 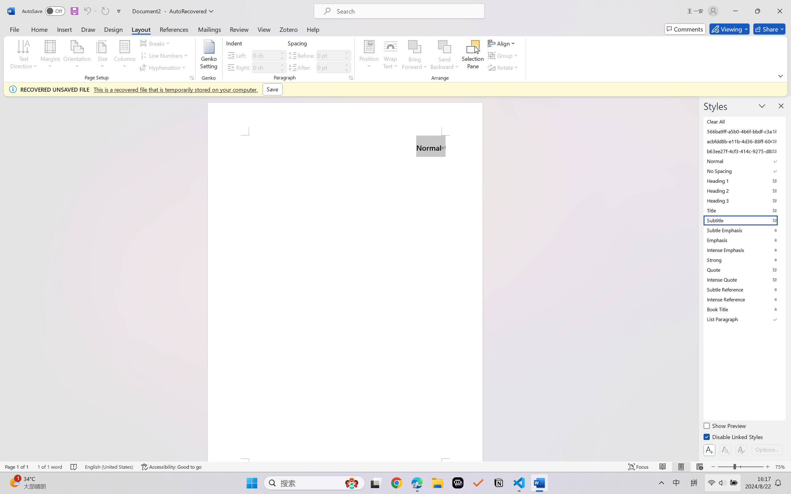 What do you see at coordinates (415, 56) in the screenshot?
I see `'Bring Forward'` at bounding box center [415, 56].